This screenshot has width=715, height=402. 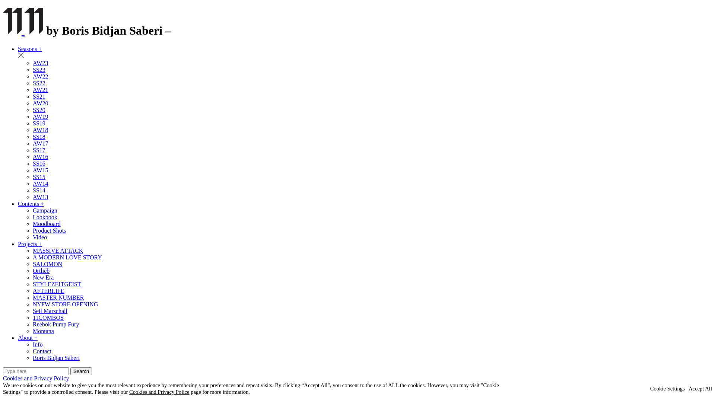 What do you see at coordinates (40, 63) in the screenshot?
I see `'AW23'` at bounding box center [40, 63].